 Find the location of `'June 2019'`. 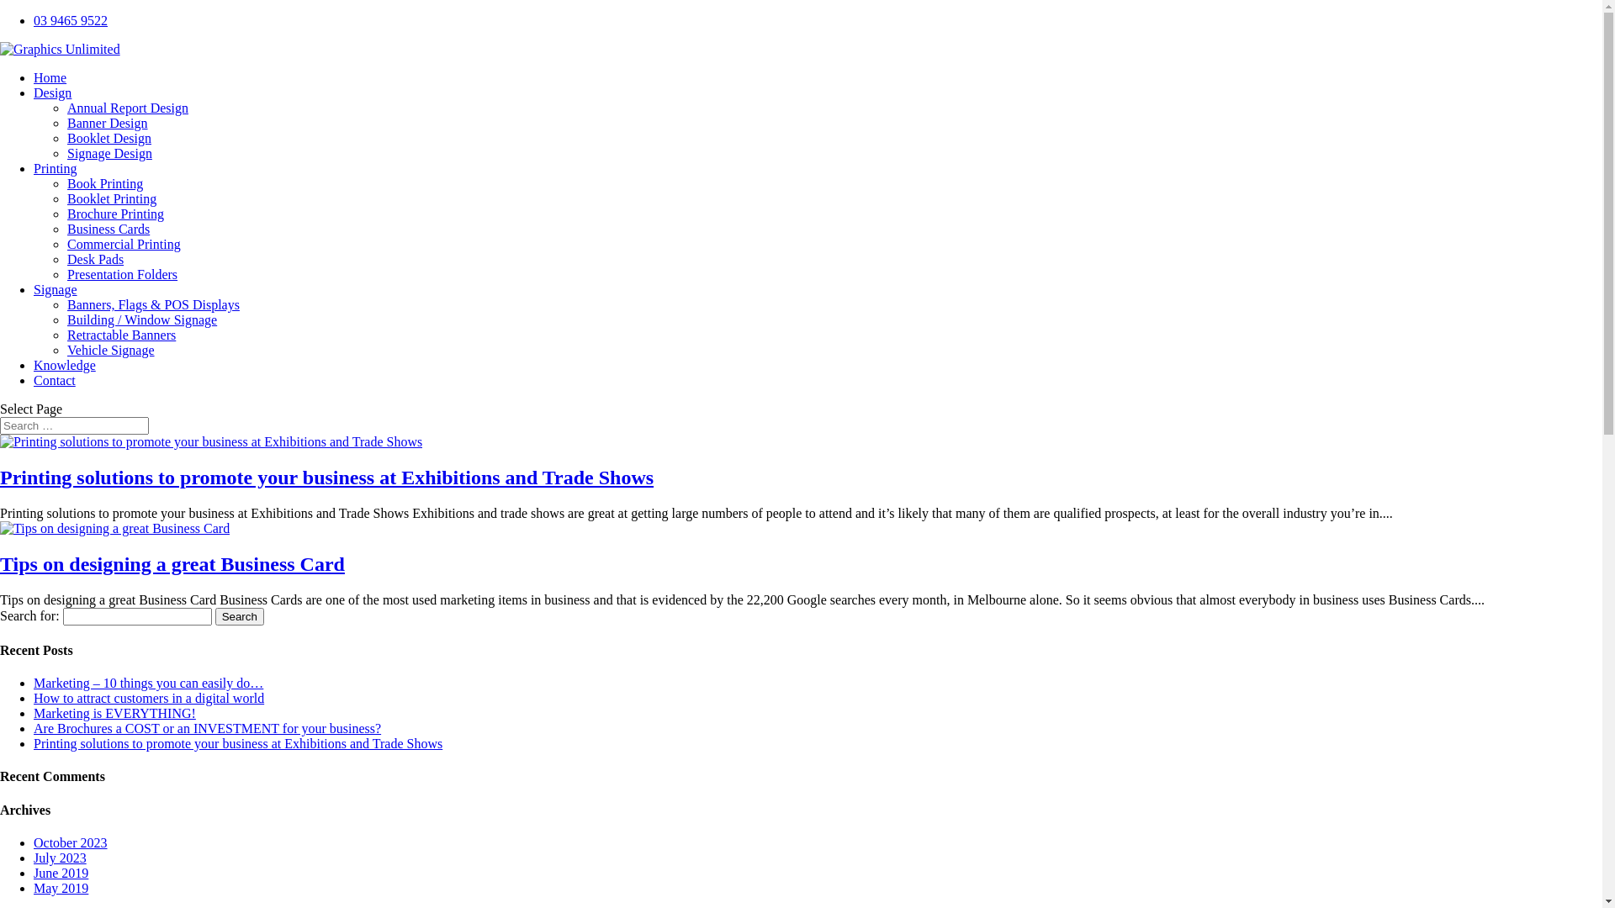

'June 2019' is located at coordinates (61, 872).